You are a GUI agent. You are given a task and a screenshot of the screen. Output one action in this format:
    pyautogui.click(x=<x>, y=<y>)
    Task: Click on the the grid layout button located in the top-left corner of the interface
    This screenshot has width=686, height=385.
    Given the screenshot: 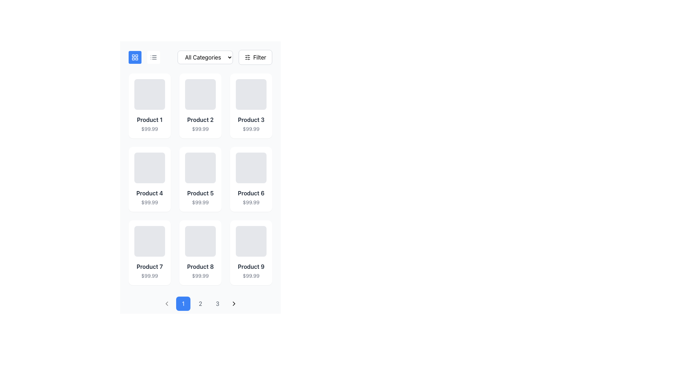 What is the action you would take?
    pyautogui.click(x=135, y=57)
    